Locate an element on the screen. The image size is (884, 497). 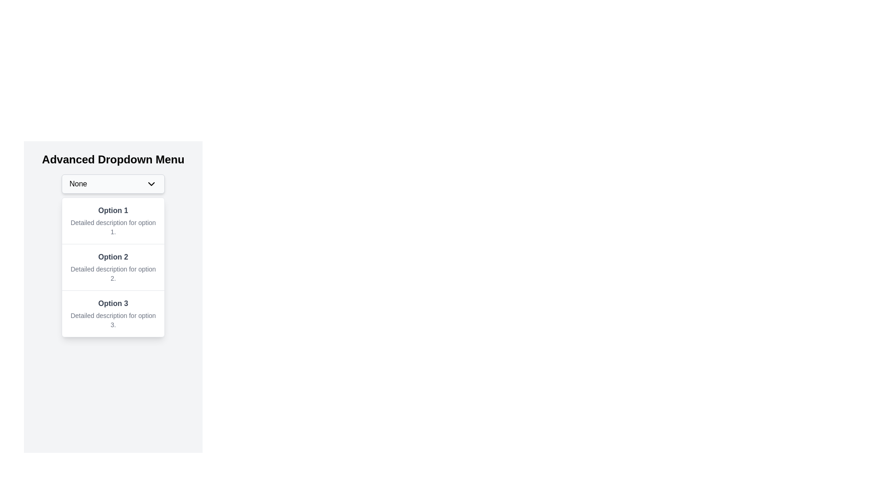
text label displaying 'Option 2', which is styled in bold and dark gray, located in the second option of a vertical dropdown menu is located at coordinates (112, 257).